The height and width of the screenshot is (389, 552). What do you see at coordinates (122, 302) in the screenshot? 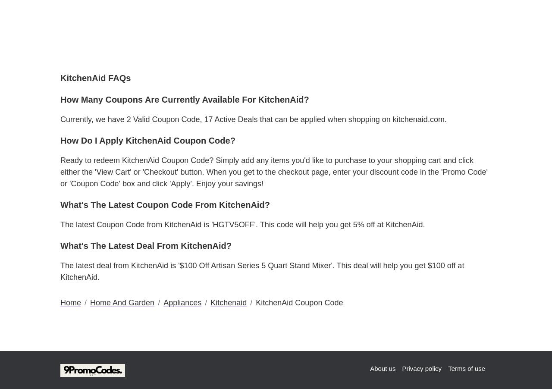
I see `'Home And Garden'` at bounding box center [122, 302].